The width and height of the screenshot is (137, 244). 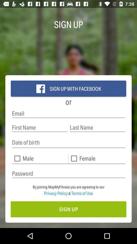 I want to click on first name sign up, so click(x=39, y=127).